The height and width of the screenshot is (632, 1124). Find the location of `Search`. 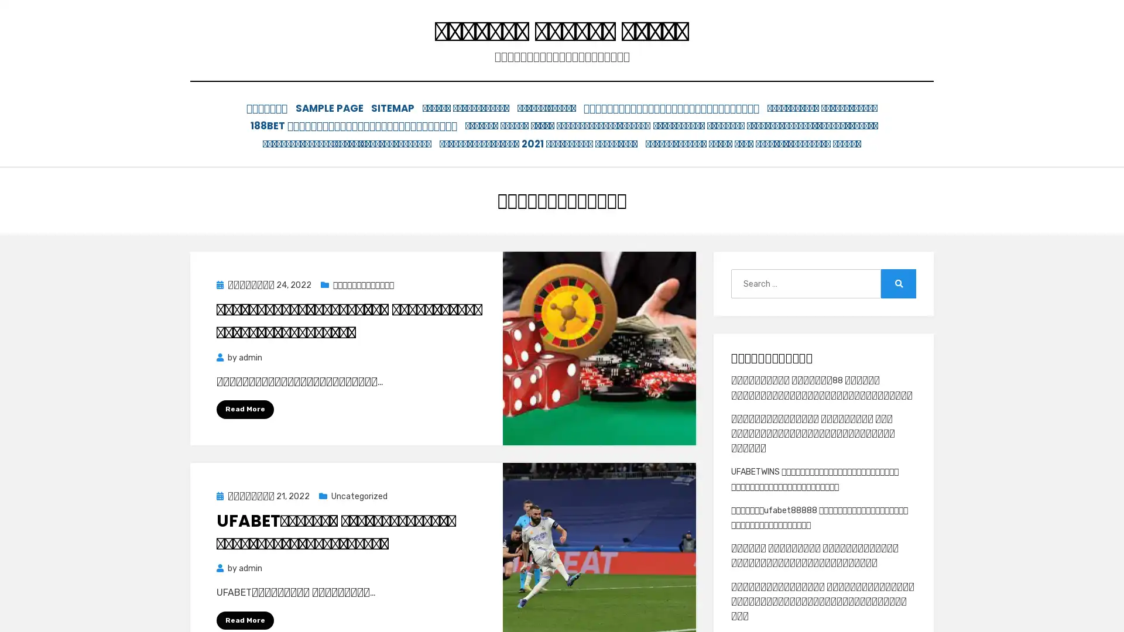

Search is located at coordinates (898, 273).